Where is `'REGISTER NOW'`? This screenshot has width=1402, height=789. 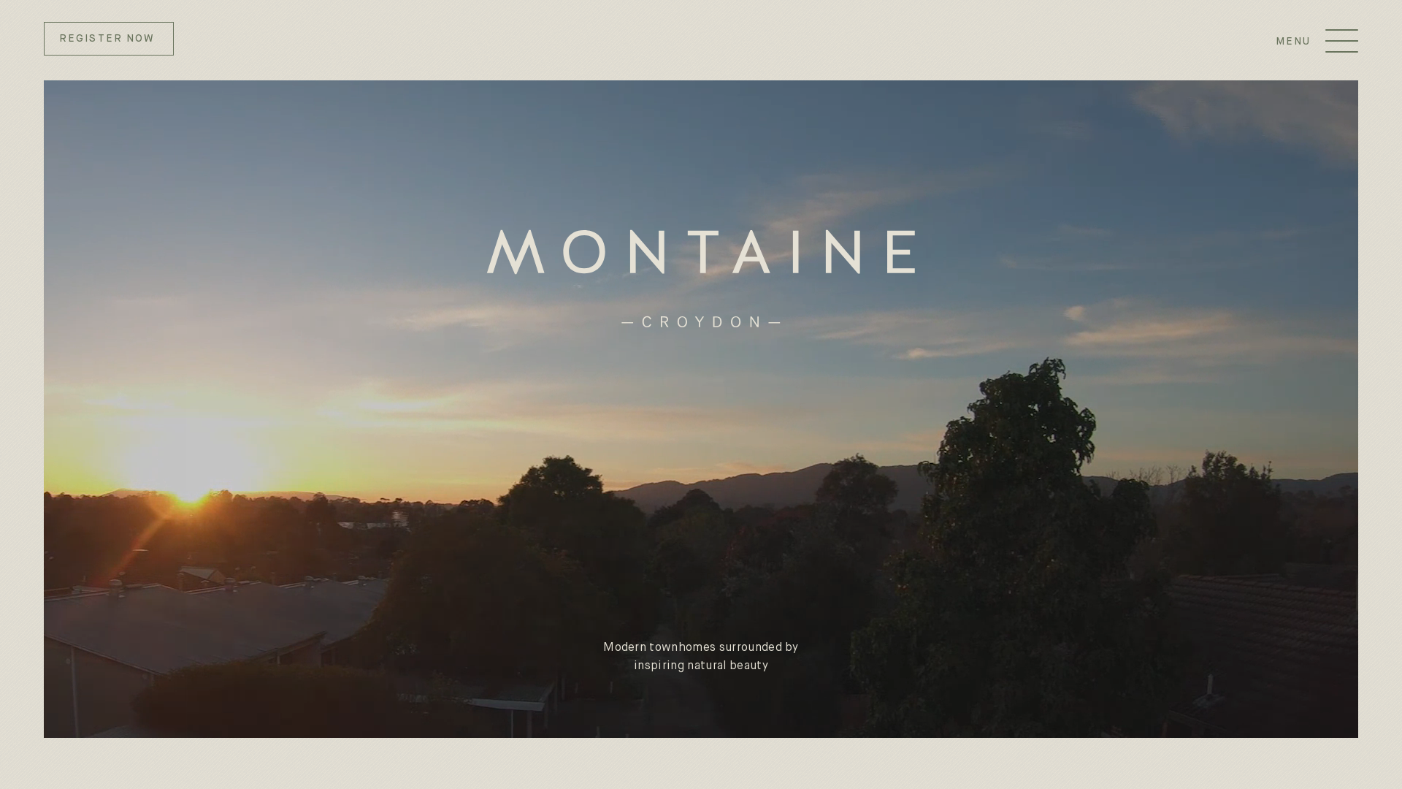 'REGISTER NOW' is located at coordinates (107, 38).